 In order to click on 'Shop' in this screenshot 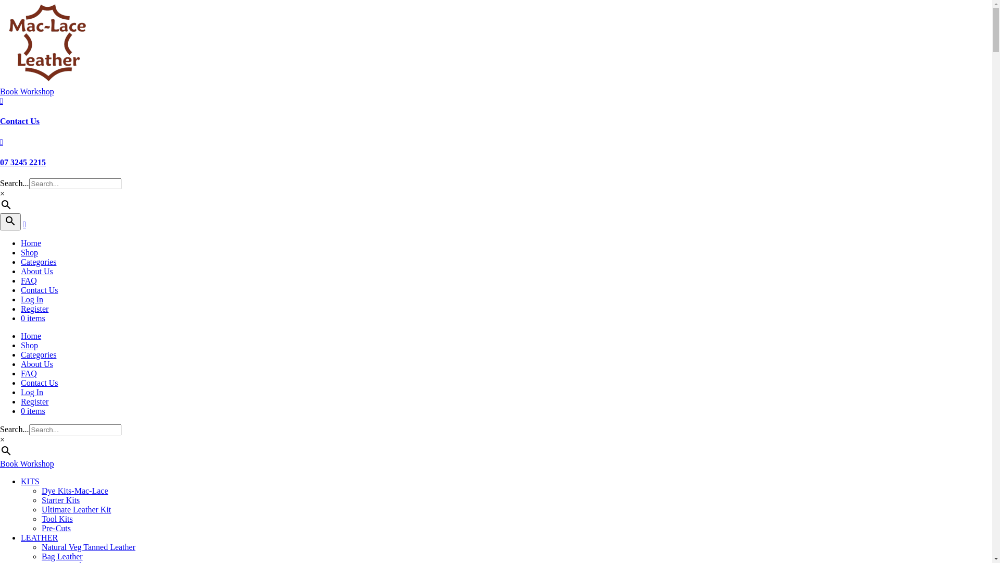, I will do `click(29, 252)`.